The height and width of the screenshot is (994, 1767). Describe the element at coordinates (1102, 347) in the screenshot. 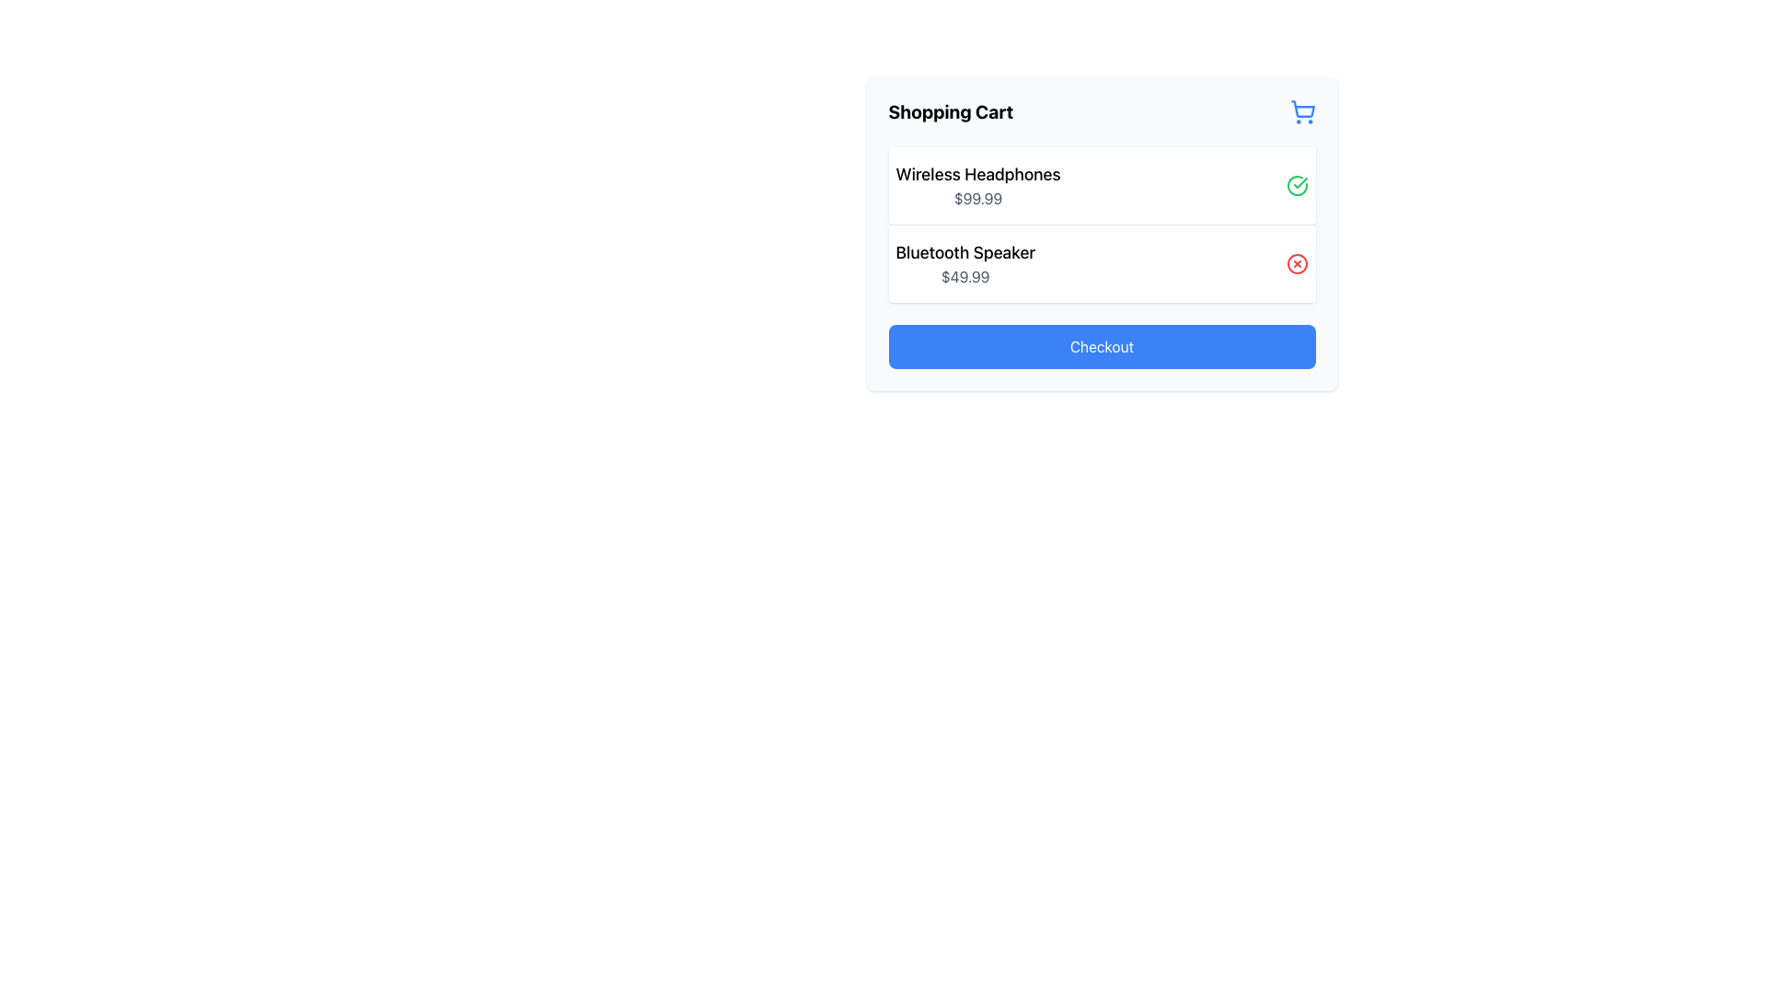

I see `the 'Checkout' button located at the bottom of the shopping cart section to proceed to checkout` at that location.